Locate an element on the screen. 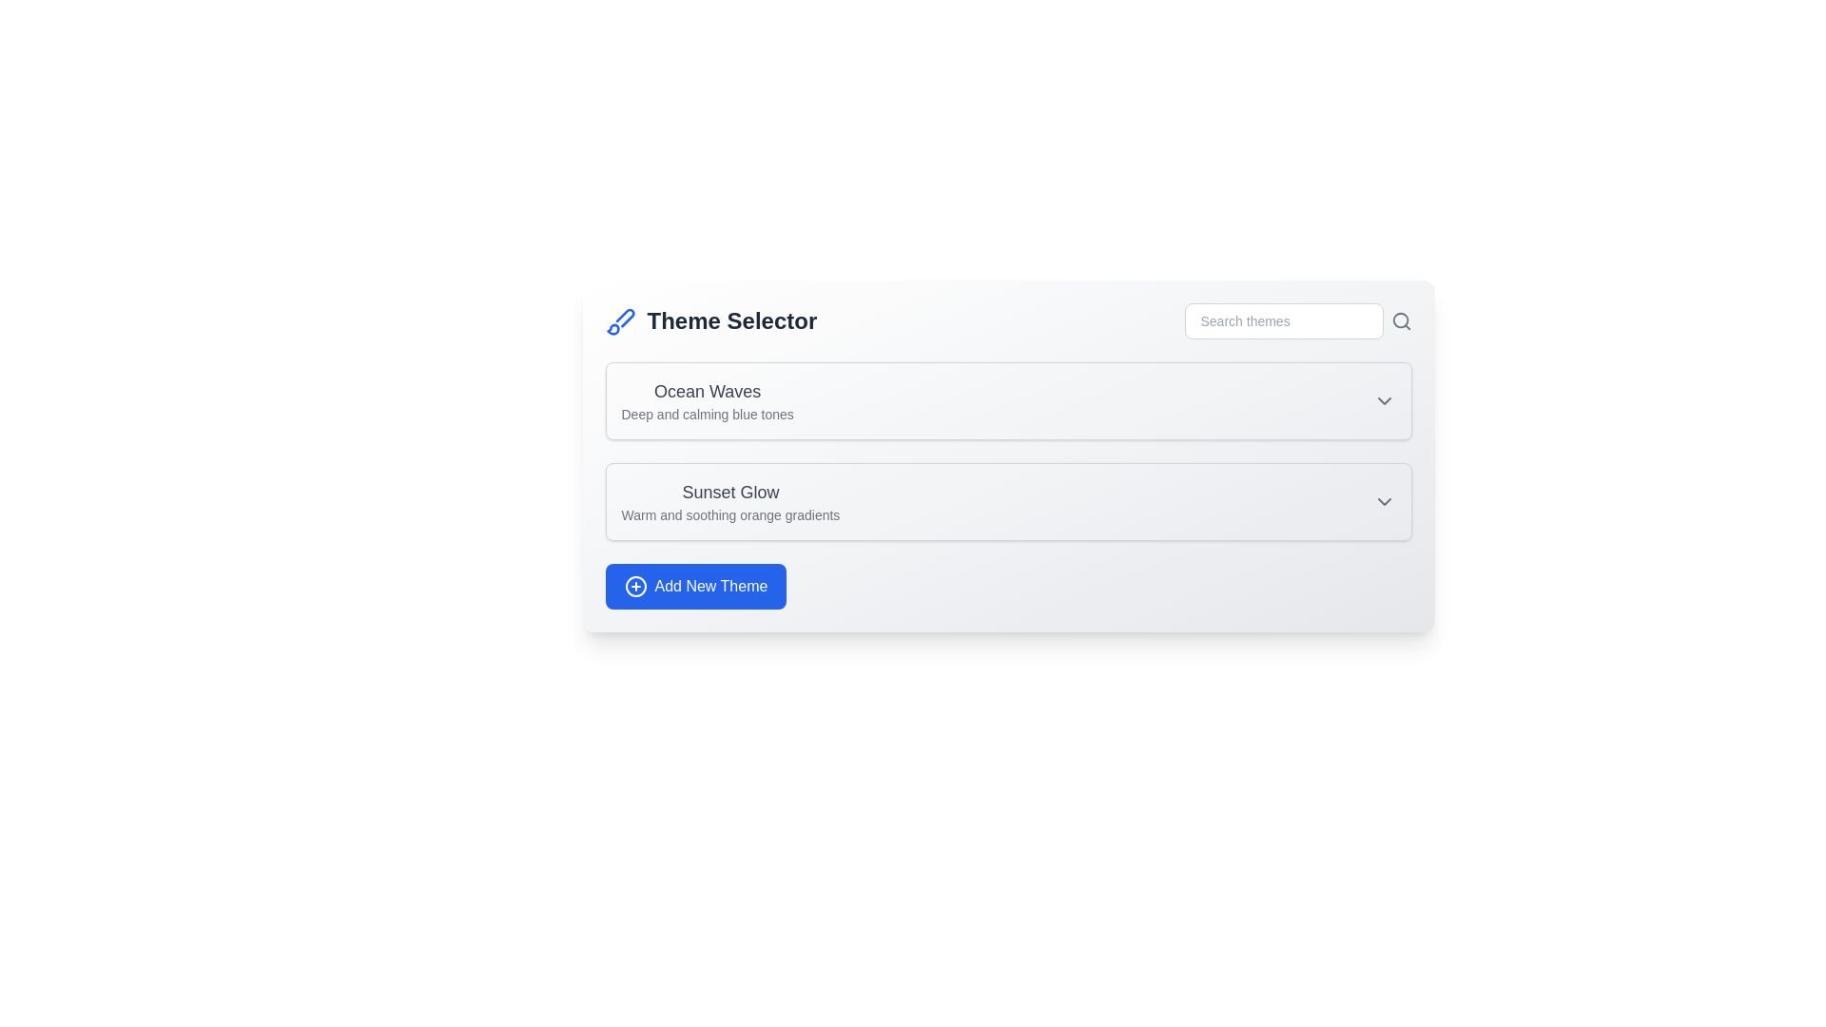 This screenshot has height=1027, width=1826. the descriptive subtitle text element for the 'Sunset Glow' theme, which is located within its card directly below the larger title text, positioned in the middle section of the UI interface is located at coordinates (729, 515).